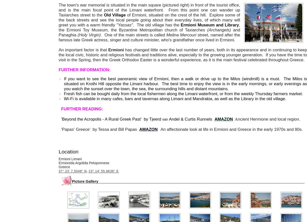  What do you see at coordinates (175, 99) in the screenshot?
I see `'Wi-Fi is available in many cafes, bars and tavernas along Limani and Mandrakia, as well as the Library in the old village.'` at bounding box center [175, 99].